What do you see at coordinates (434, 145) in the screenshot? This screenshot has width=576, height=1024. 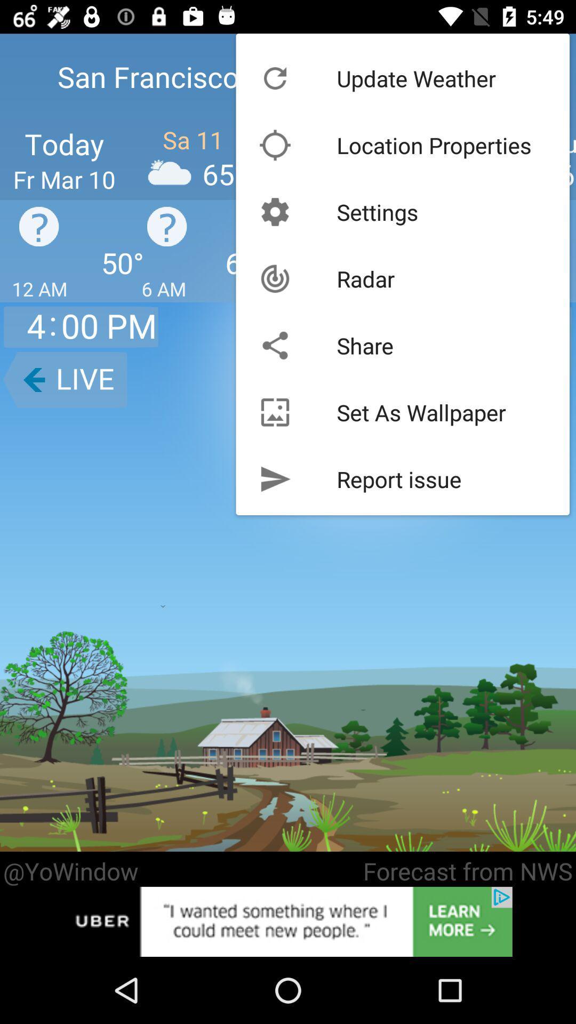 I see `the item below the update weather icon` at bounding box center [434, 145].